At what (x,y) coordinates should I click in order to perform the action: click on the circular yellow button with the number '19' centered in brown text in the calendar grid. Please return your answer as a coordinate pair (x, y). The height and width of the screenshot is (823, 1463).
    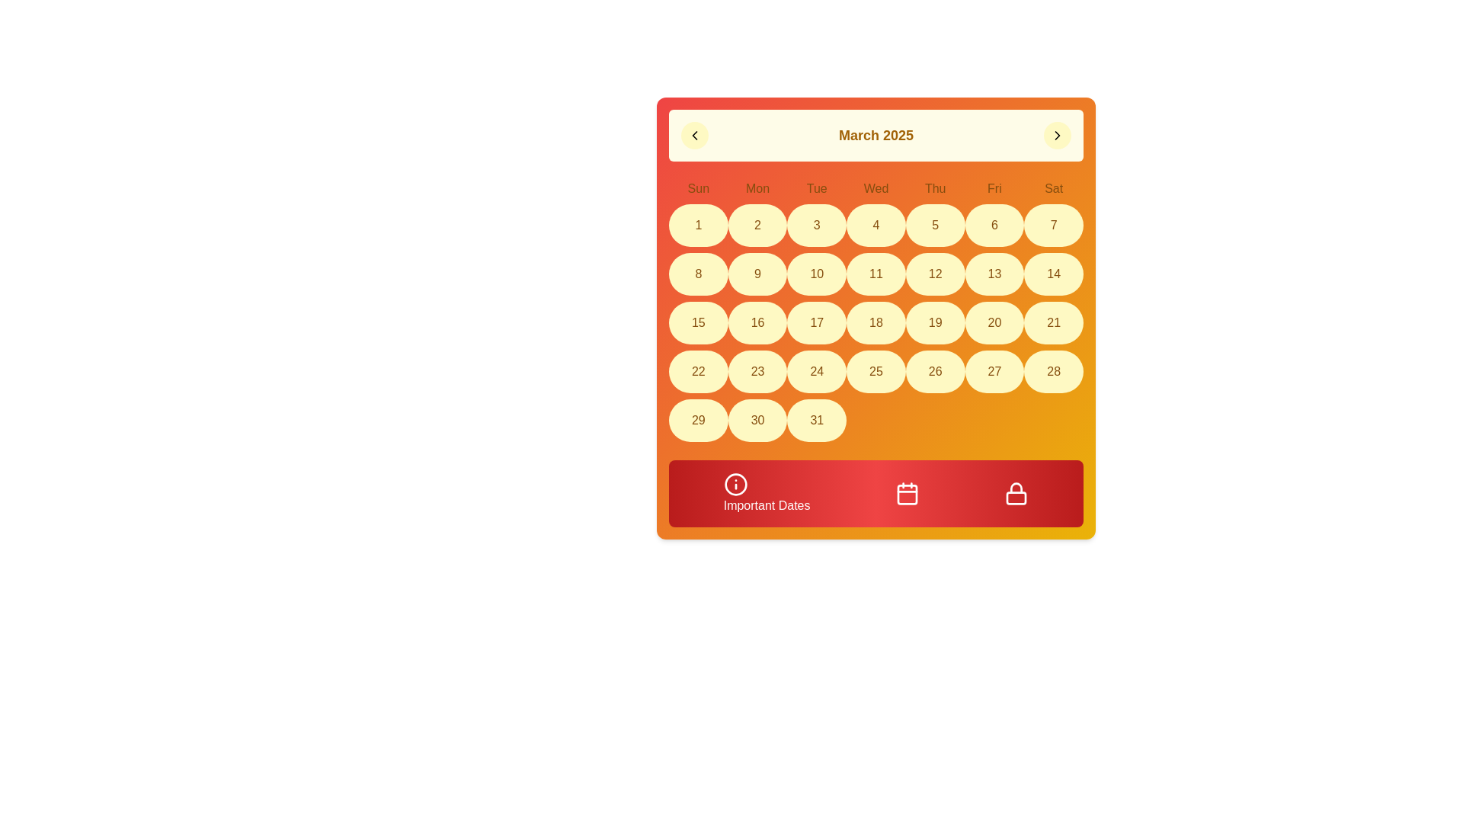
    Looking at the image, I should click on (934, 322).